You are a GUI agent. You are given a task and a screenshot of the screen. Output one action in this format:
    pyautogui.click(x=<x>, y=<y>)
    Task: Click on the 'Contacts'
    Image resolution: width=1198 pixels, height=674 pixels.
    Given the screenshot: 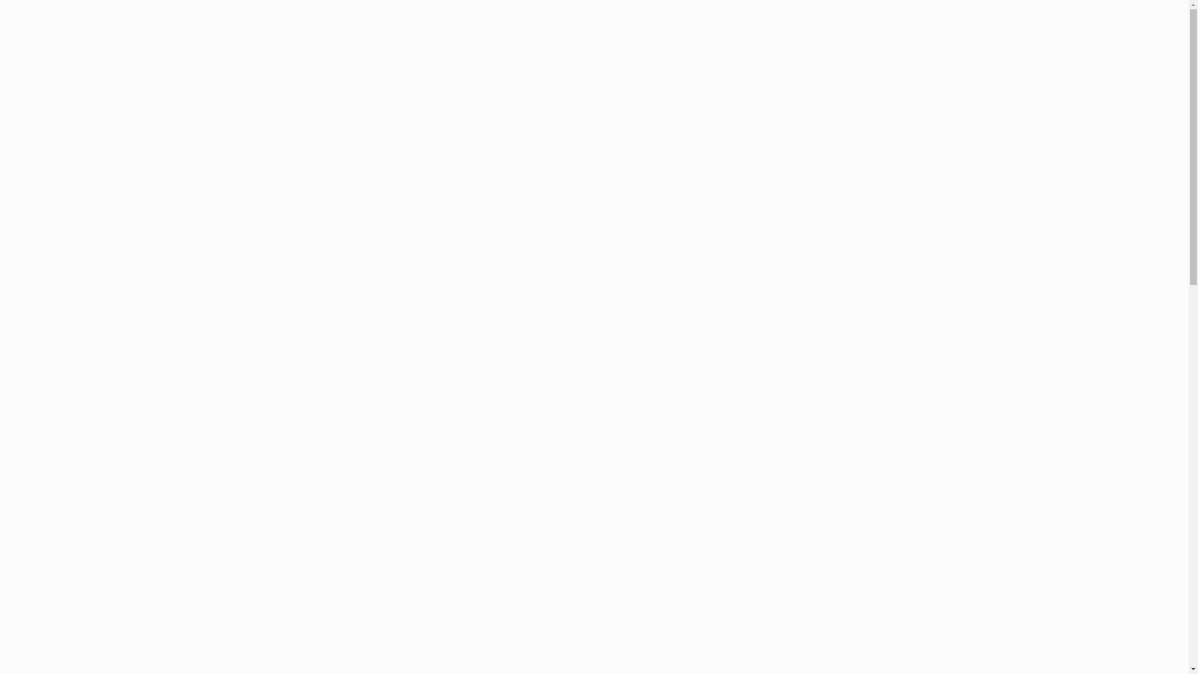 What is the action you would take?
    pyautogui.click(x=913, y=37)
    